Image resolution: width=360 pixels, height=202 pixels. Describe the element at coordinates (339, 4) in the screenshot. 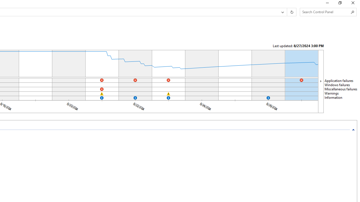

I see `'Restore'` at that location.